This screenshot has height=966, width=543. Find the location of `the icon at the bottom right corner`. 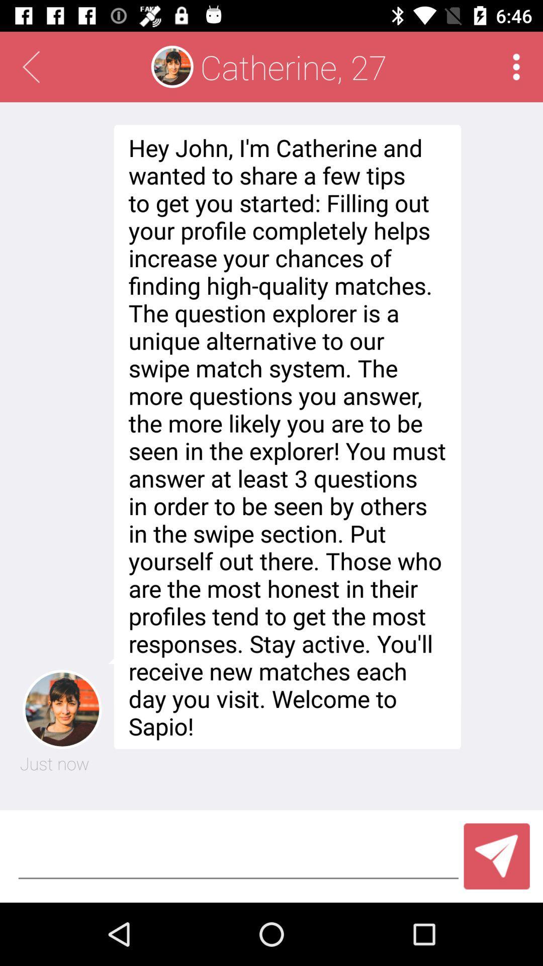

the icon at the bottom right corner is located at coordinates (496, 856).